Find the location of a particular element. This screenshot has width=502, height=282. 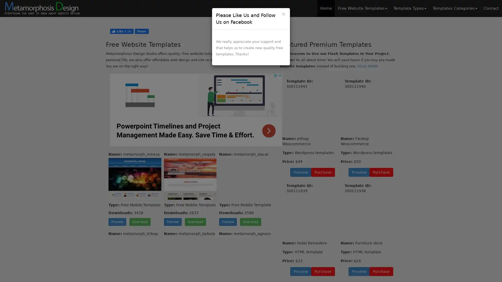

Preview is located at coordinates (301, 172).